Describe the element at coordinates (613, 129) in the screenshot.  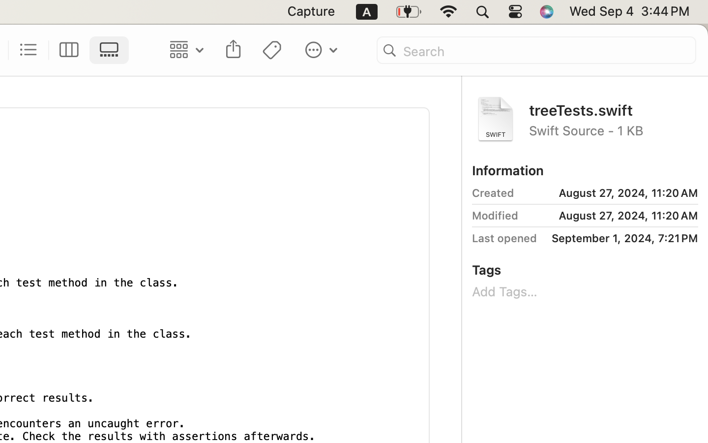
I see `'Swift Source - 1 KB'` at that location.